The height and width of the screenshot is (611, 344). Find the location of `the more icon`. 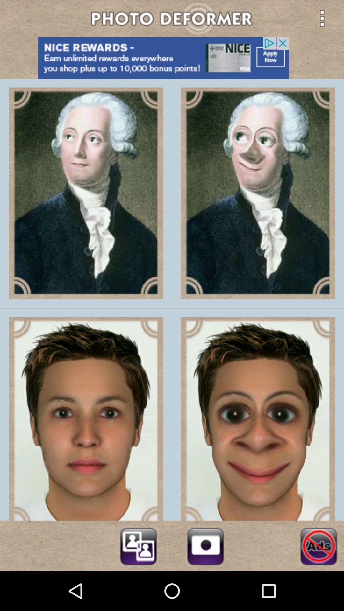

the more icon is located at coordinates (322, 19).